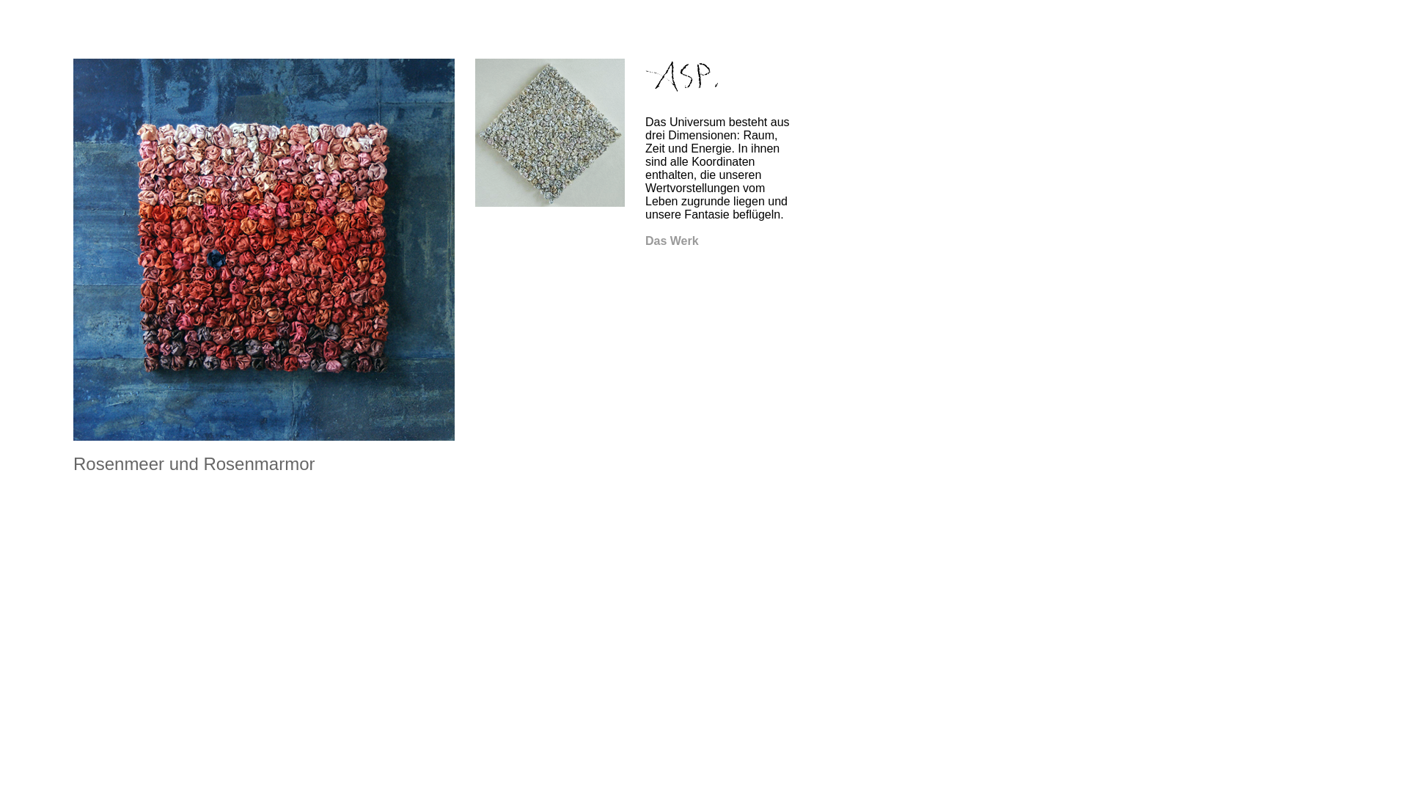 This screenshot has width=1408, height=792. What do you see at coordinates (671, 240) in the screenshot?
I see `'Das Werk'` at bounding box center [671, 240].